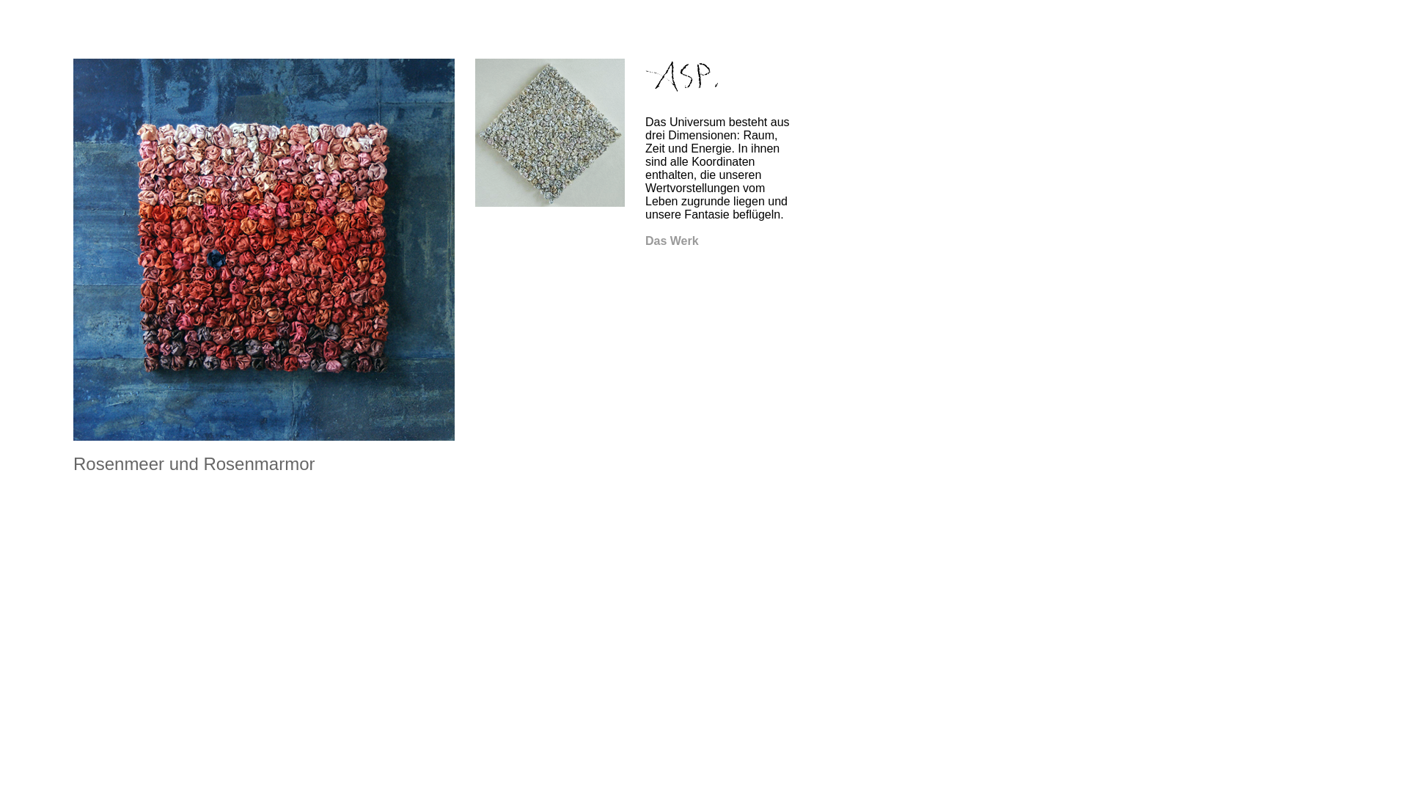 This screenshot has width=1408, height=792. What do you see at coordinates (671, 240) in the screenshot?
I see `'Das Werk'` at bounding box center [671, 240].